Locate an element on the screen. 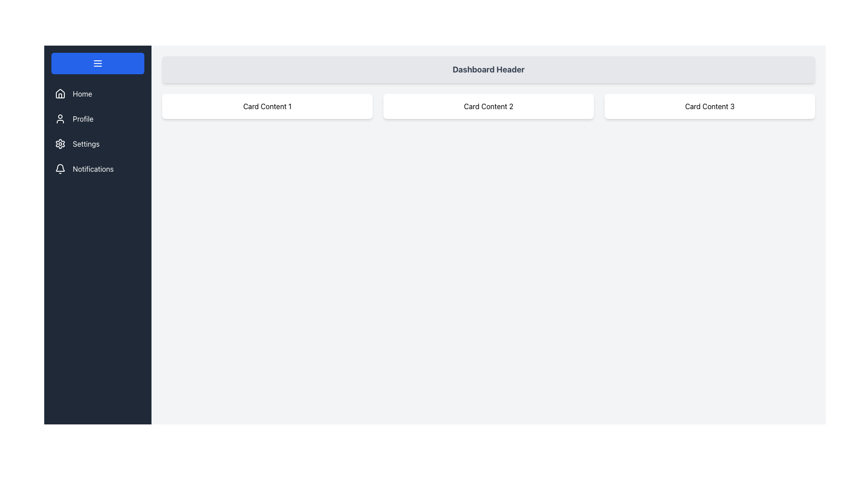  the menu icon, which consists of three horizontal lines on a blue background located at the top left corner of the sidebar is located at coordinates (98, 63).